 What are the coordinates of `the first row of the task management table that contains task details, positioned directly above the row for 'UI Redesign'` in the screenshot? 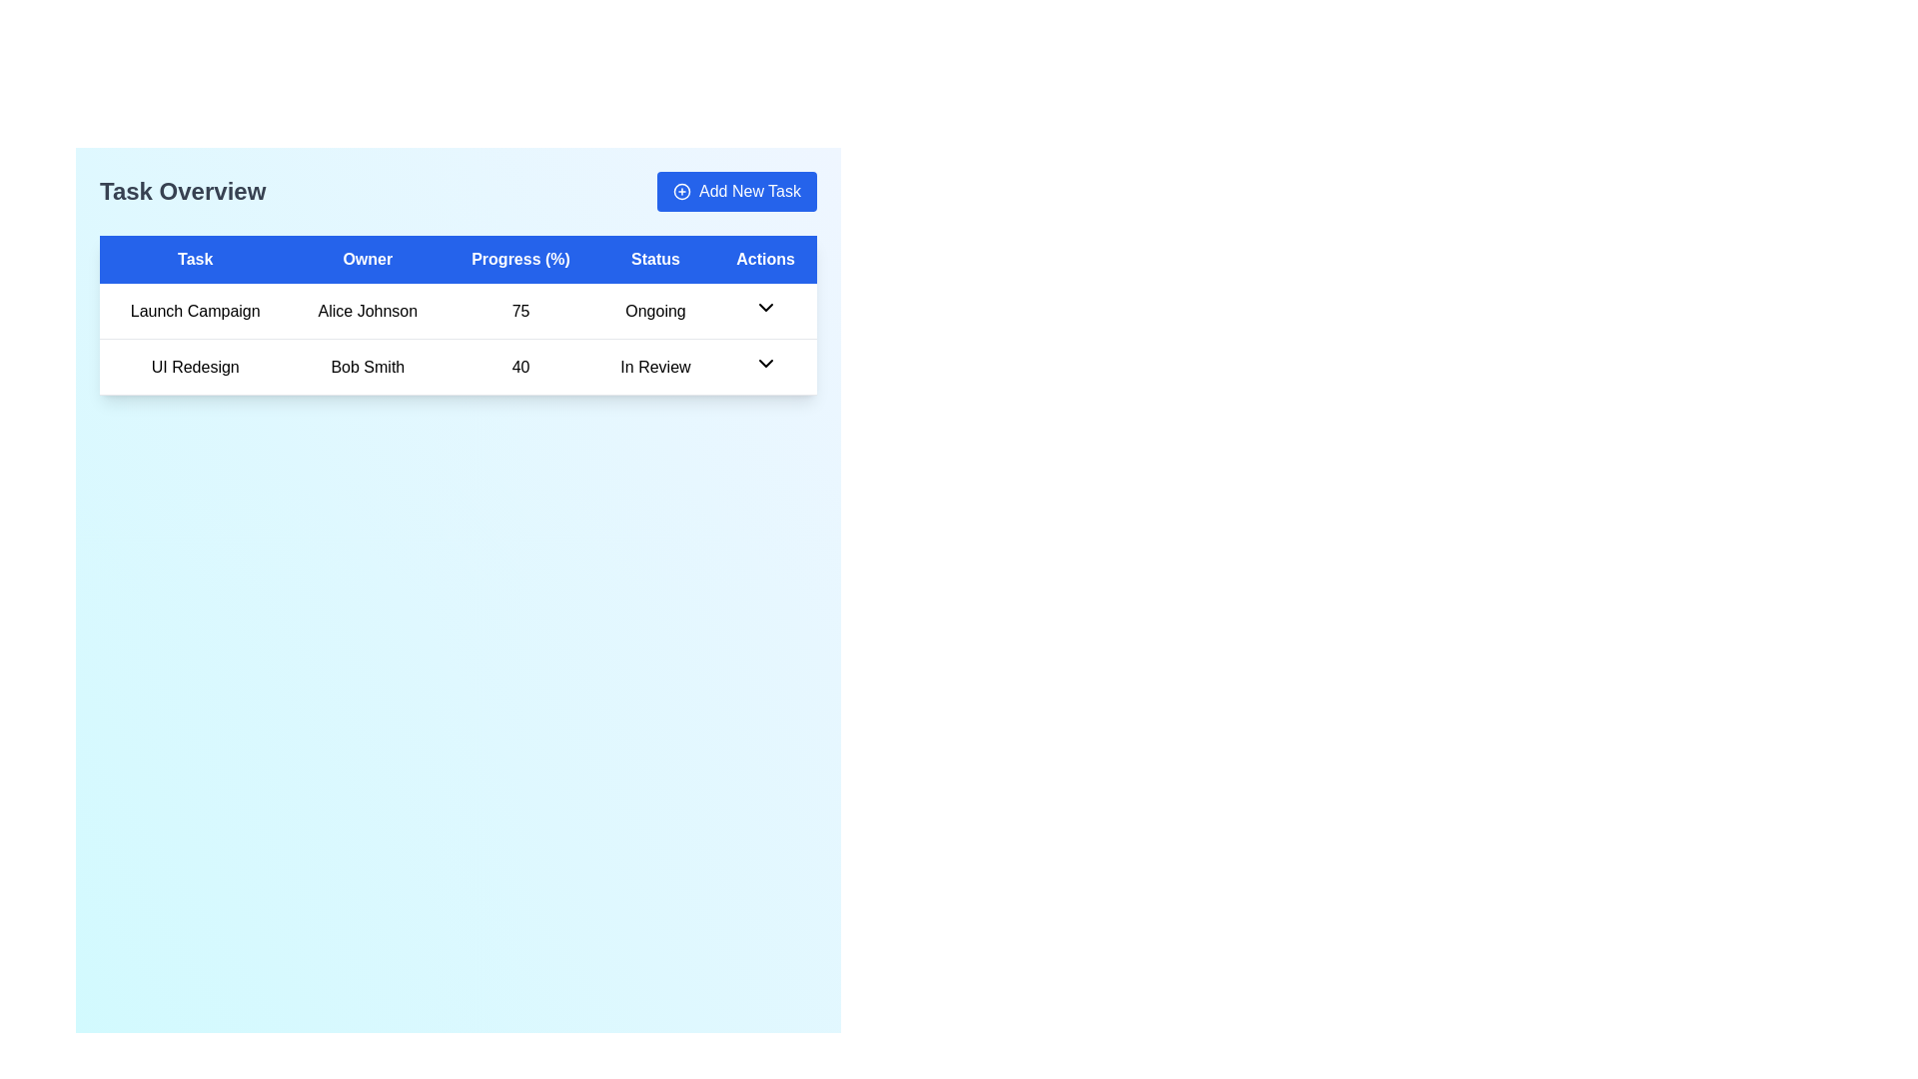 It's located at (458, 311).